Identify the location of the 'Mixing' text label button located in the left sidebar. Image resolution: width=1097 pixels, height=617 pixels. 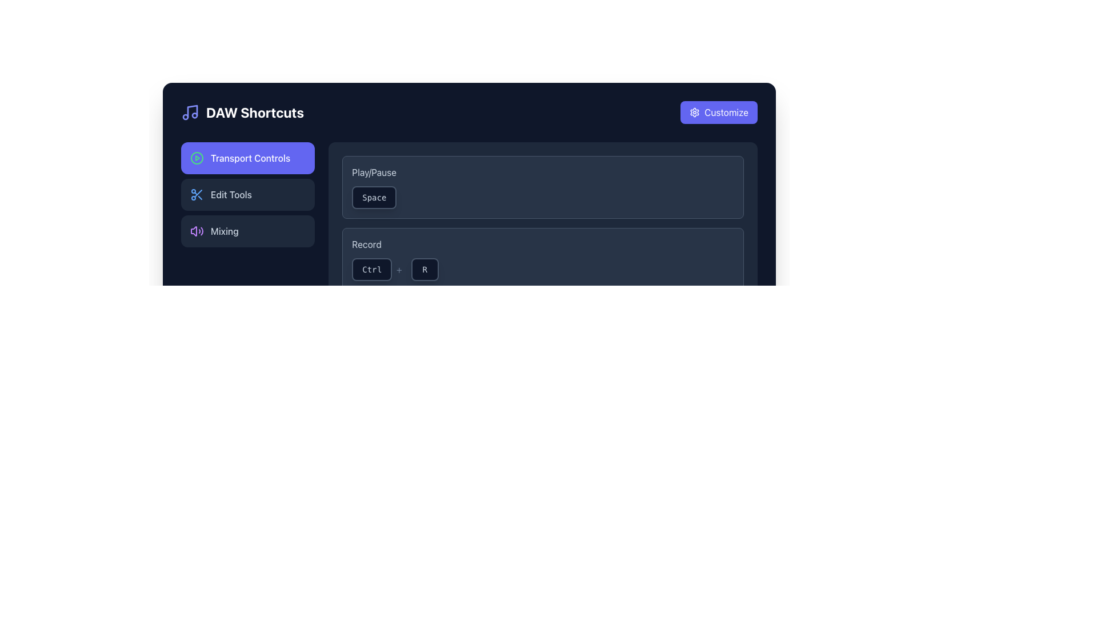
(225, 231).